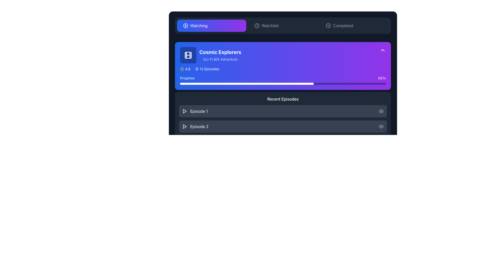  What do you see at coordinates (257, 25) in the screenshot?
I see `the decorative SVG circle element of the clock icon, which is positioned between the 'Watching' button and the 'Completed' button in the navigation bar` at bounding box center [257, 25].